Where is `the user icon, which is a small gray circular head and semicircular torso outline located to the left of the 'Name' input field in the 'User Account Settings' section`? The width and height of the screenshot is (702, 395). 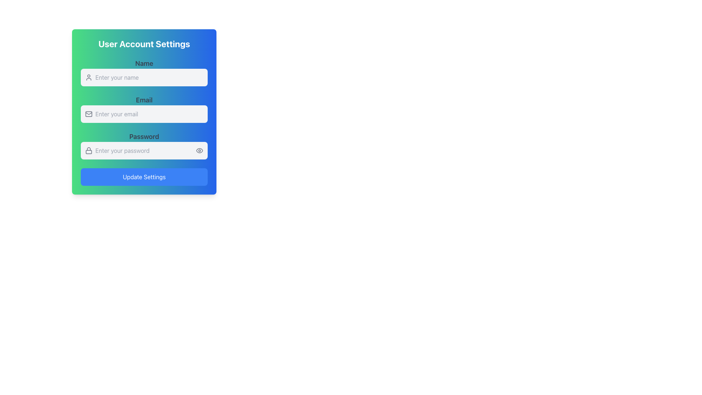 the user icon, which is a small gray circular head and semicircular torso outline located to the left of the 'Name' input field in the 'User Account Settings' section is located at coordinates (88, 78).